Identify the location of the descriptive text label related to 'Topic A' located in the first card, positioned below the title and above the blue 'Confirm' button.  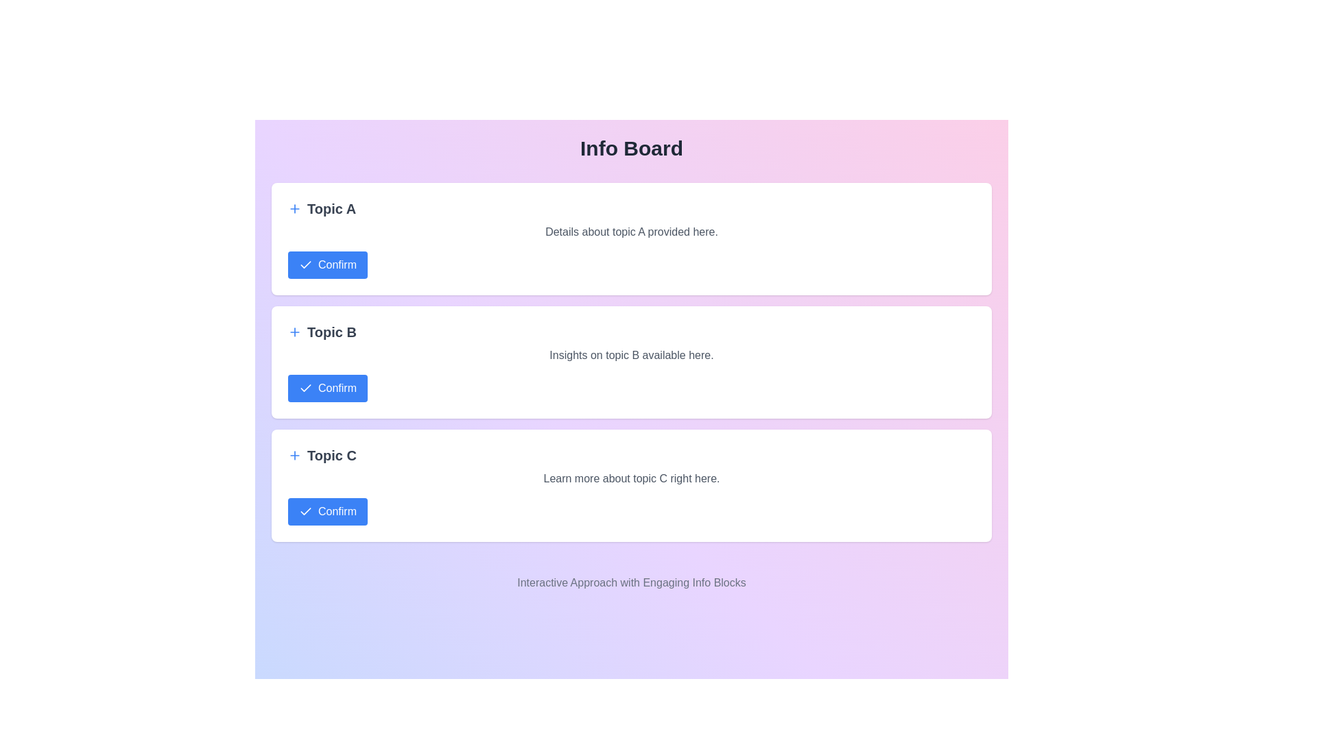
(631, 232).